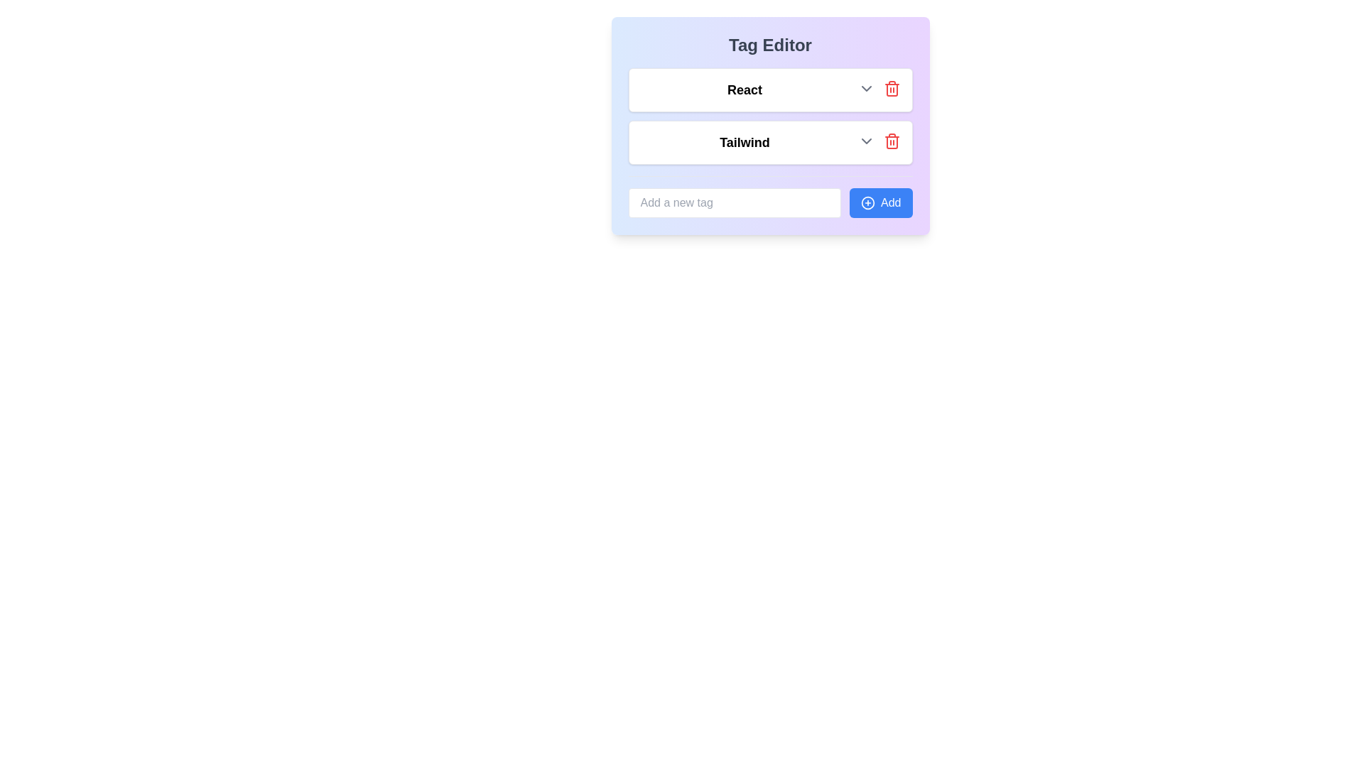 The width and height of the screenshot is (1364, 767). Describe the element at coordinates (744, 90) in the screenshot. I see `the static text label displaying 'React' in bold, located in the first rectangular card of the Tag Editor interface` at that location.